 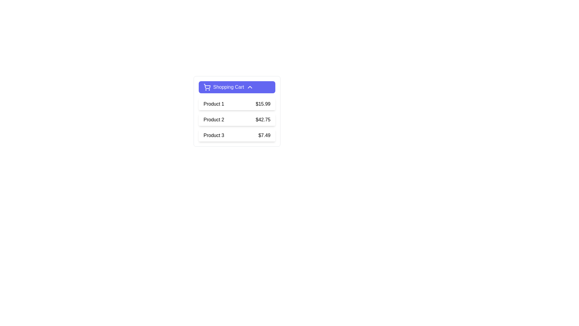 What do you see at coordinates (214, 120) in the screenshot?
I see `the product name text label in the shopping cart interface, which is located to the left of the price label displaying '$42.75'` at bounding box center [214, 120].